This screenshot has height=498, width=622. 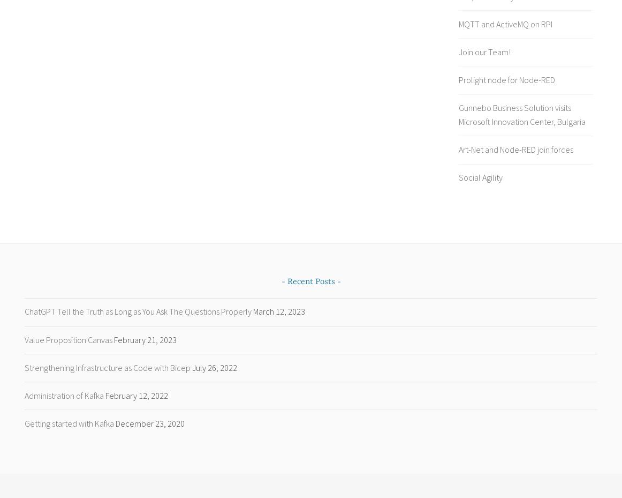 What do you see at coordinates (214, 367) in the screenshot?
I see `'July 26, 2022'` at bounding box center [214, 367].